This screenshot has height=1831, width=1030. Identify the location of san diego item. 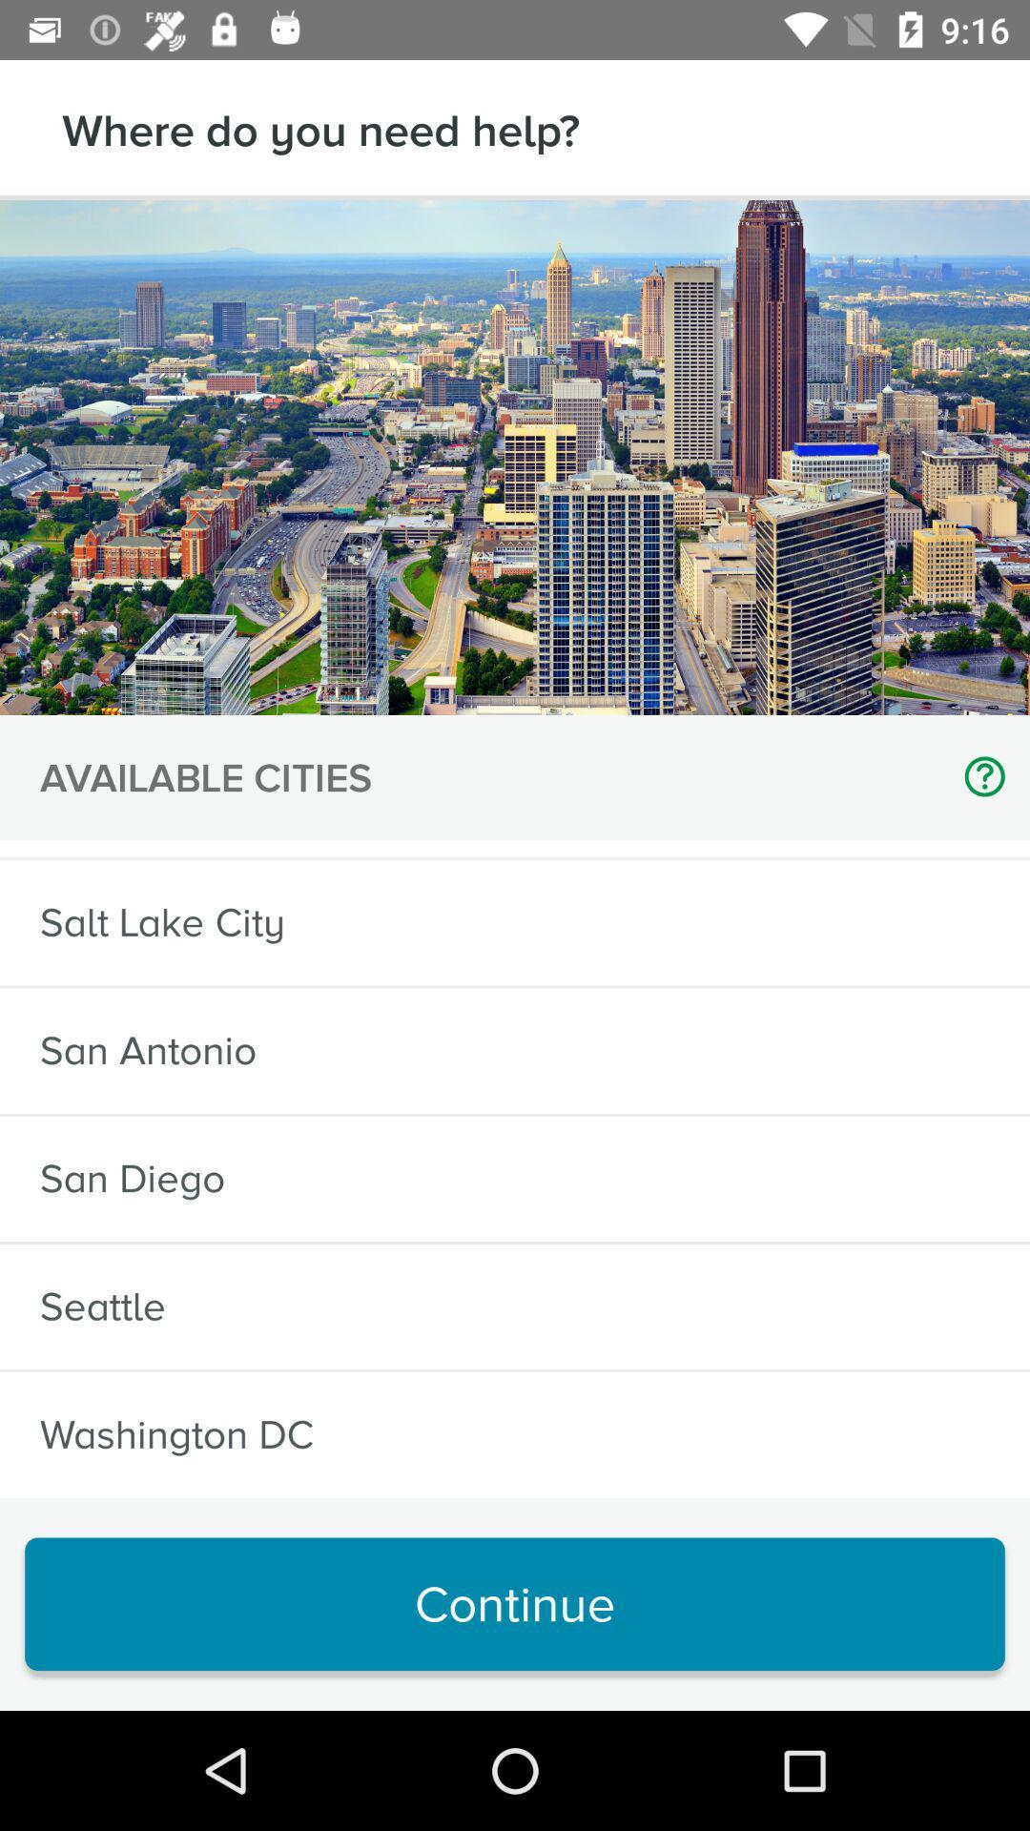
(132, 1178).